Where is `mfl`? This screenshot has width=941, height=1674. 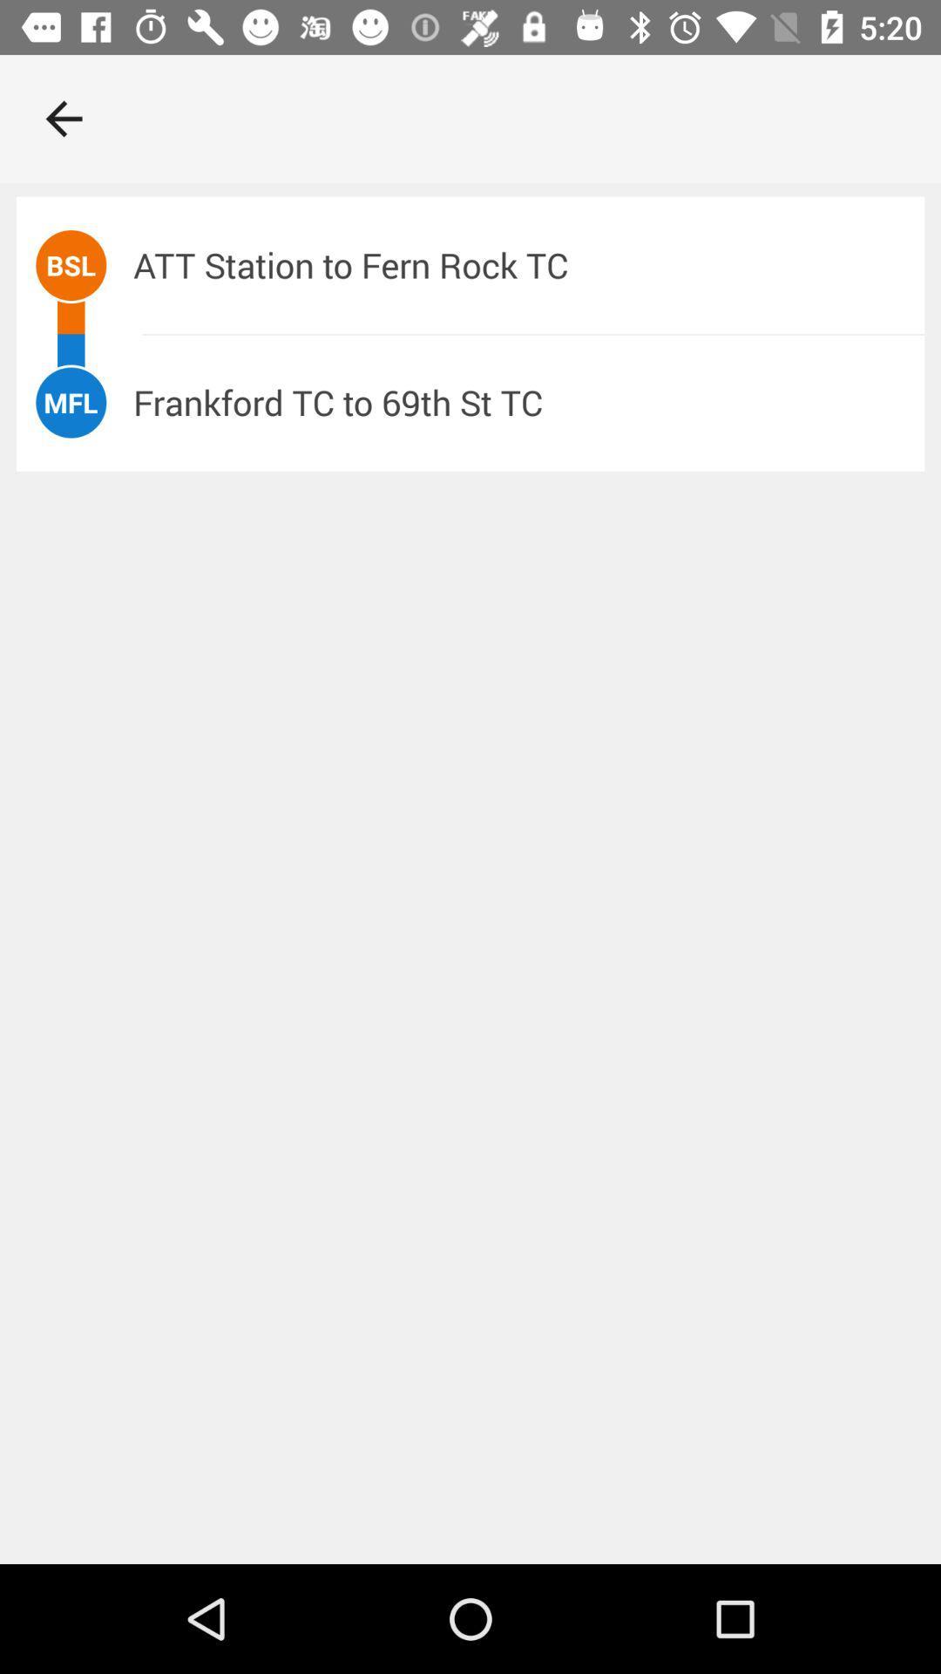 mfl is located at coordinates (70, 401).